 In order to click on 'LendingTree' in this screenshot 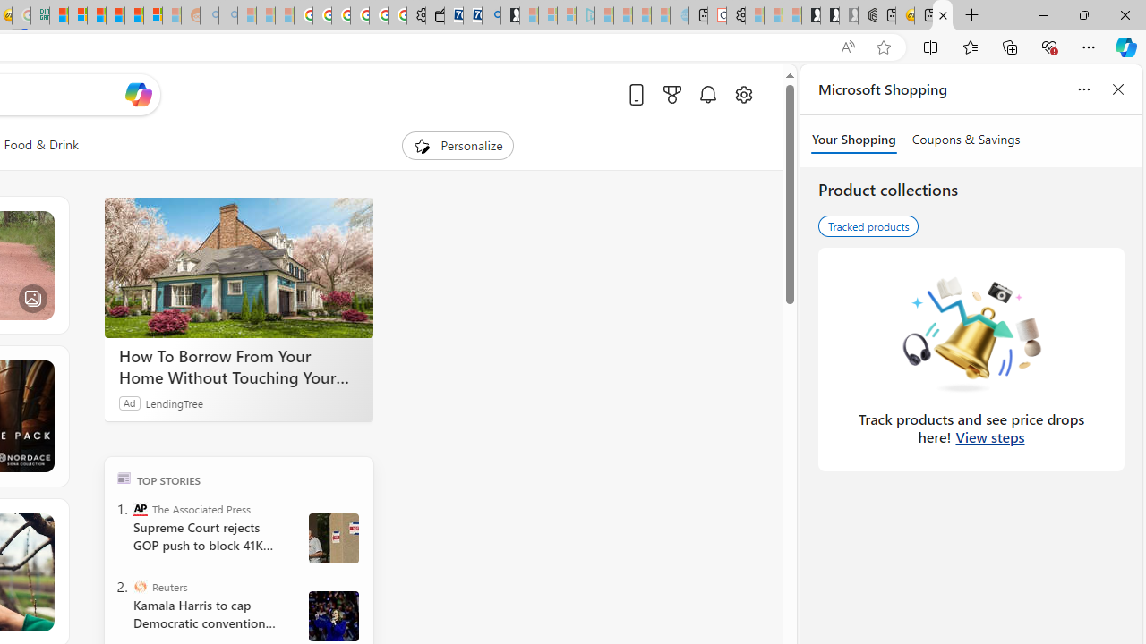, I will do `click(175, 402)`.